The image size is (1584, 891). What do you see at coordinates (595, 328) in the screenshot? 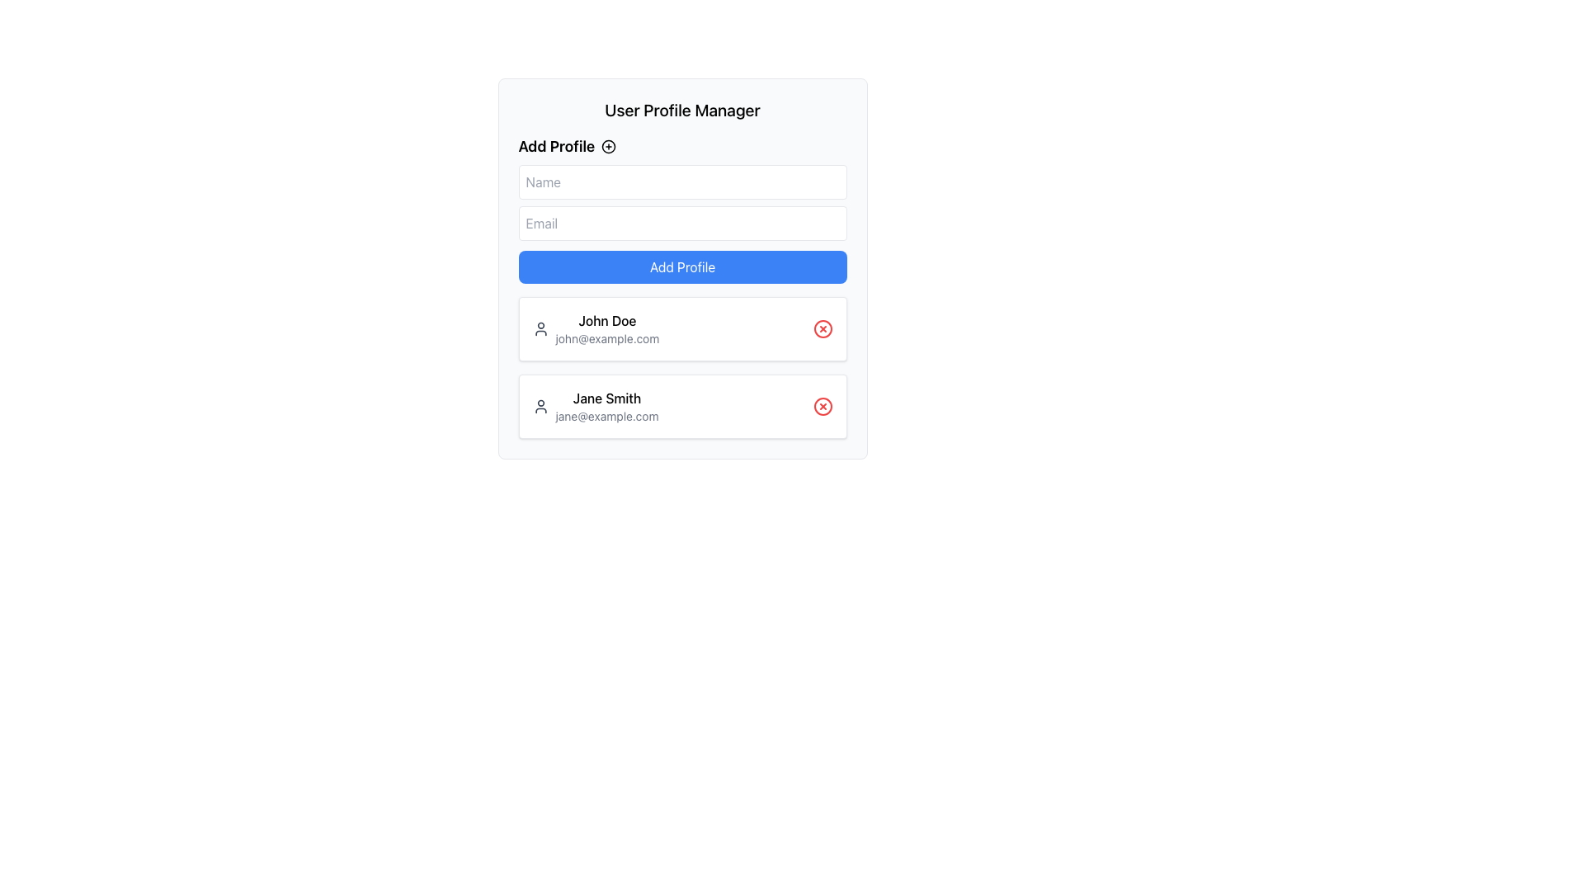
I see `the name of the first user entry in the 'User Profile Manager' section for additional options` at bounding box center [595, 328].